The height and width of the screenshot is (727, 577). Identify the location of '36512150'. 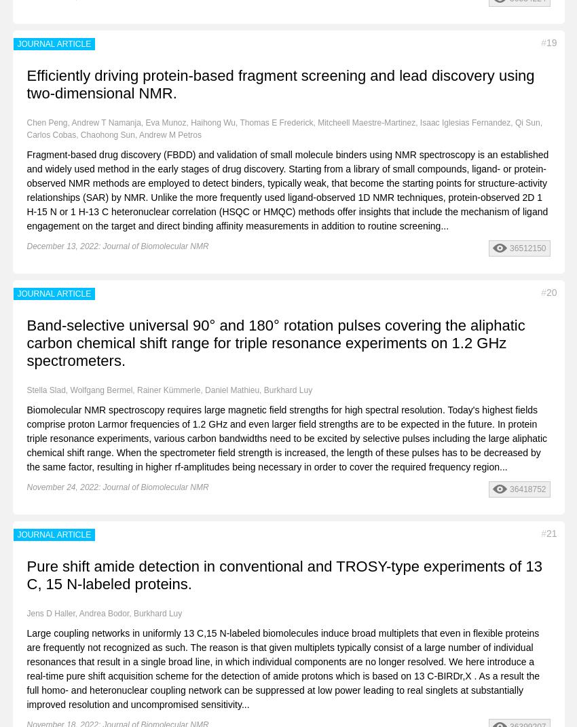
(527, 246).